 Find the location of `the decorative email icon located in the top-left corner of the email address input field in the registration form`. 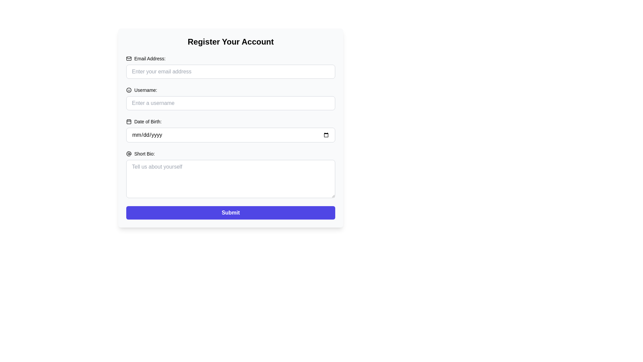

the decorative email icon located in the top-left corner of the email address input field in the registration form is located at coordinates (129, 58).